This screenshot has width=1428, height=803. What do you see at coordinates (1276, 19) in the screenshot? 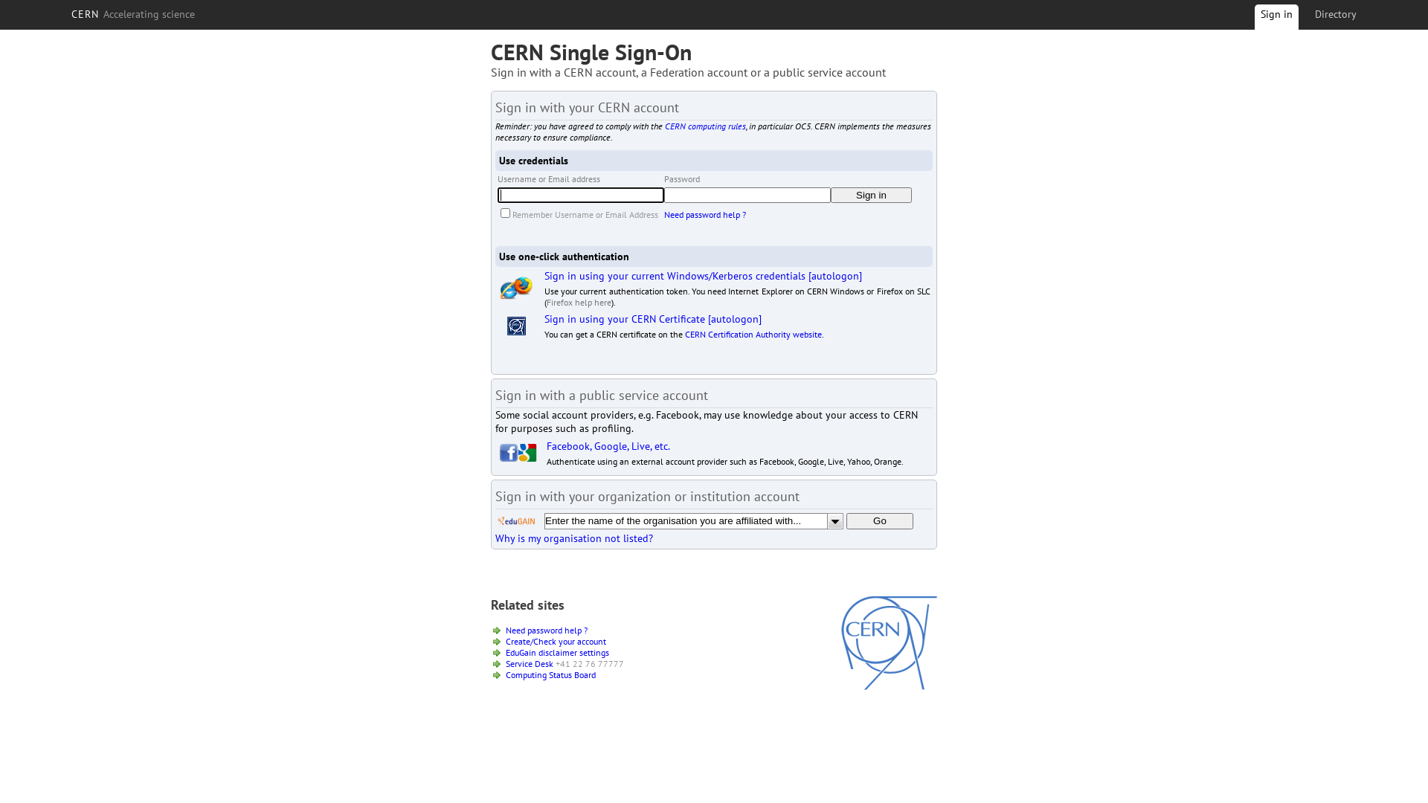
I see `'Sign in'` at bounding box center [1276, 19].